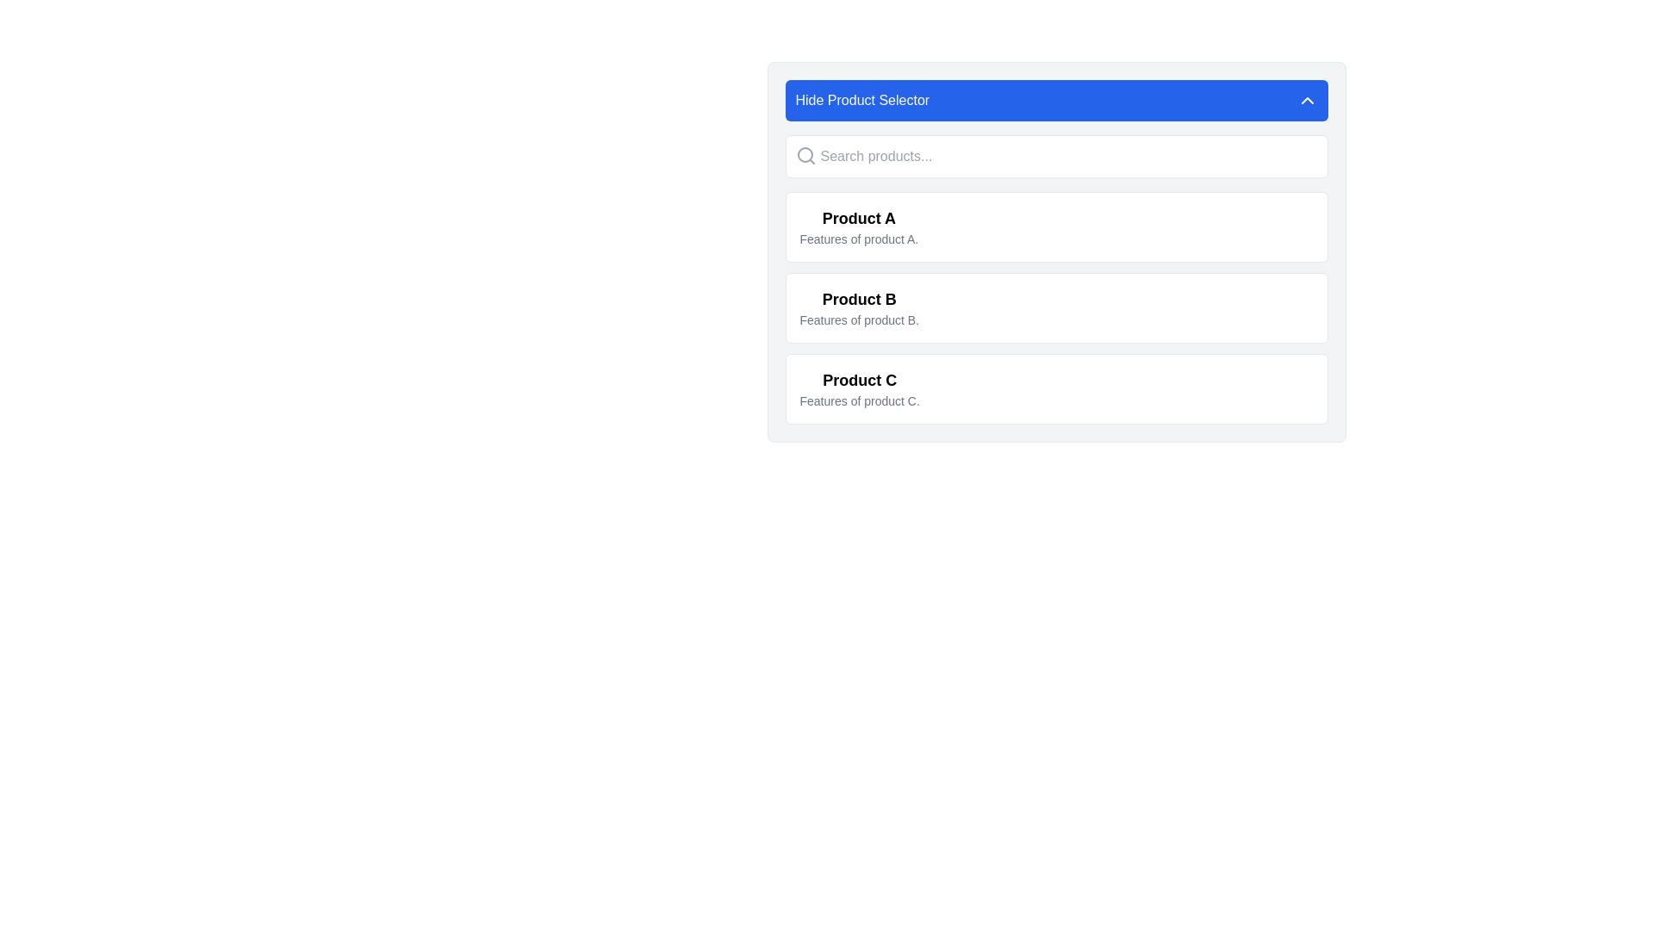  Describe the element at coordinates (859, 218) in the screenshot. I see `the text label 'Product A' to observe any visual changes, which is styled with bold and larger font size, located at the top of the first item in a list of selectable products` at that location.